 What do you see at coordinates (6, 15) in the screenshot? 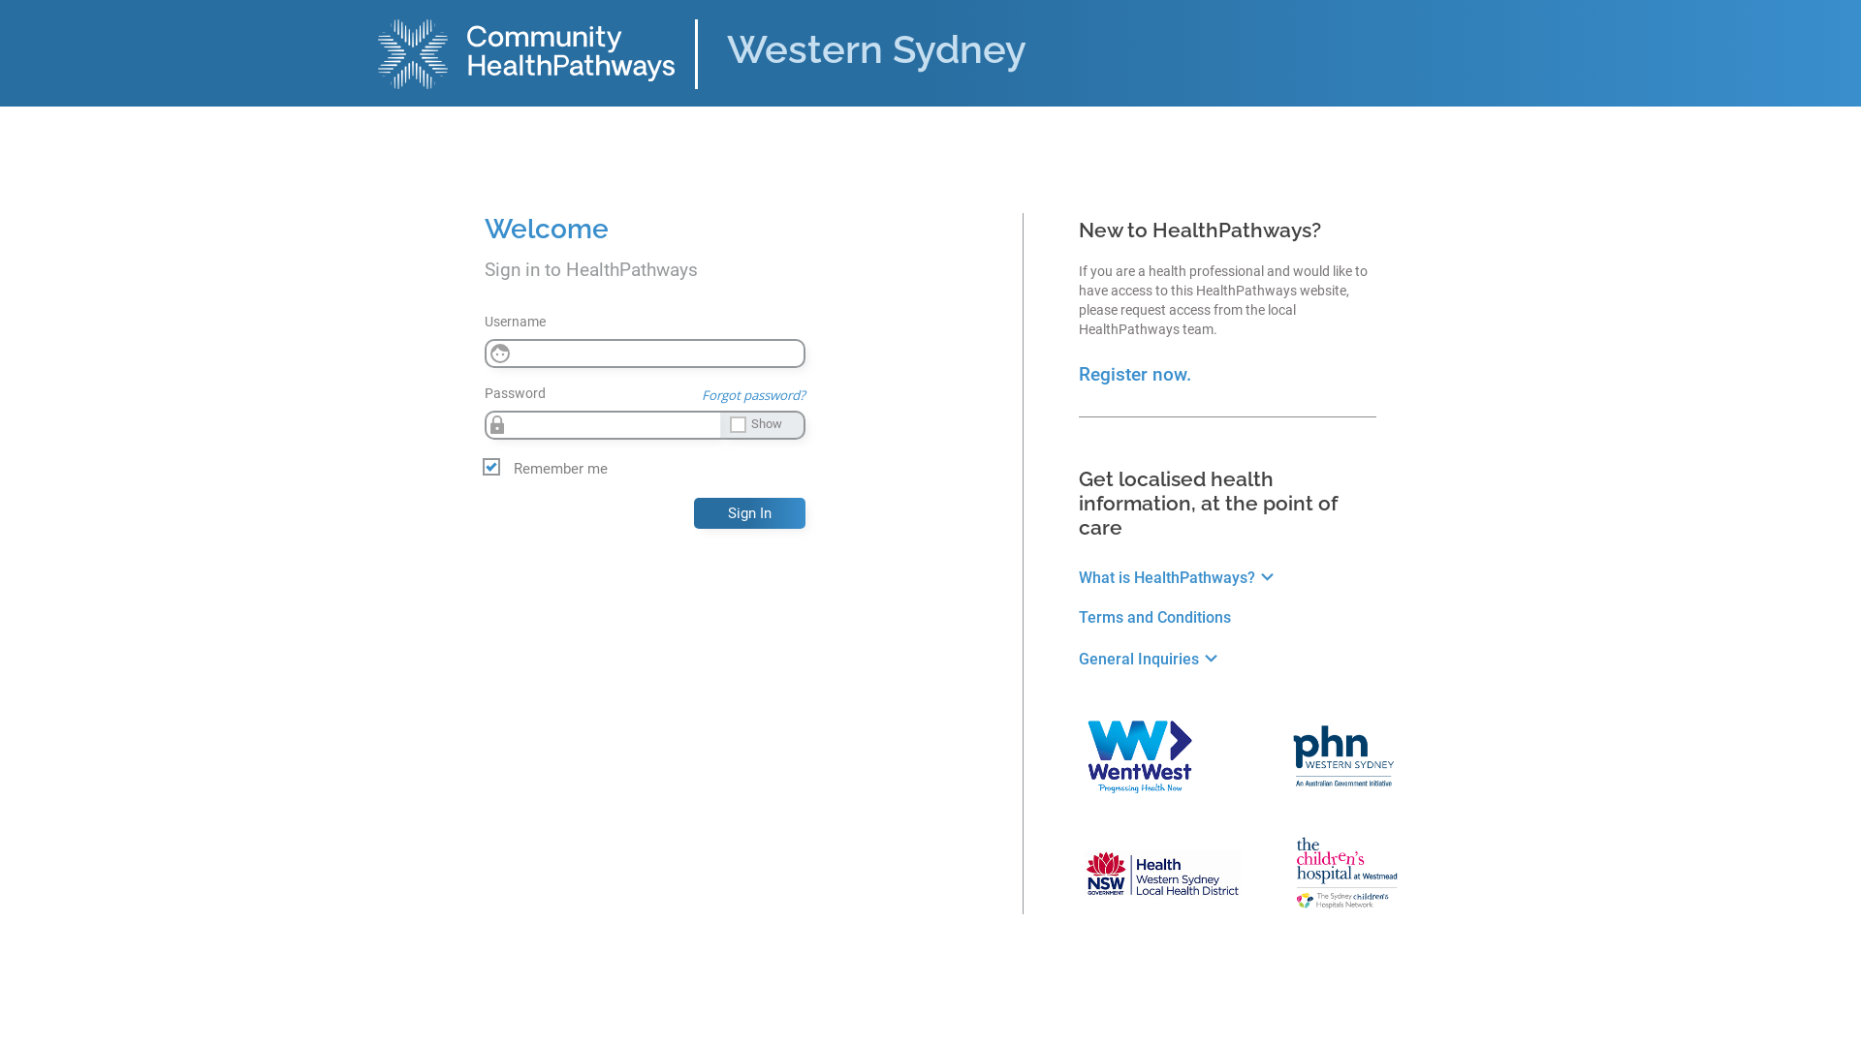
I see `'on'` at bounding box center [6, 15].